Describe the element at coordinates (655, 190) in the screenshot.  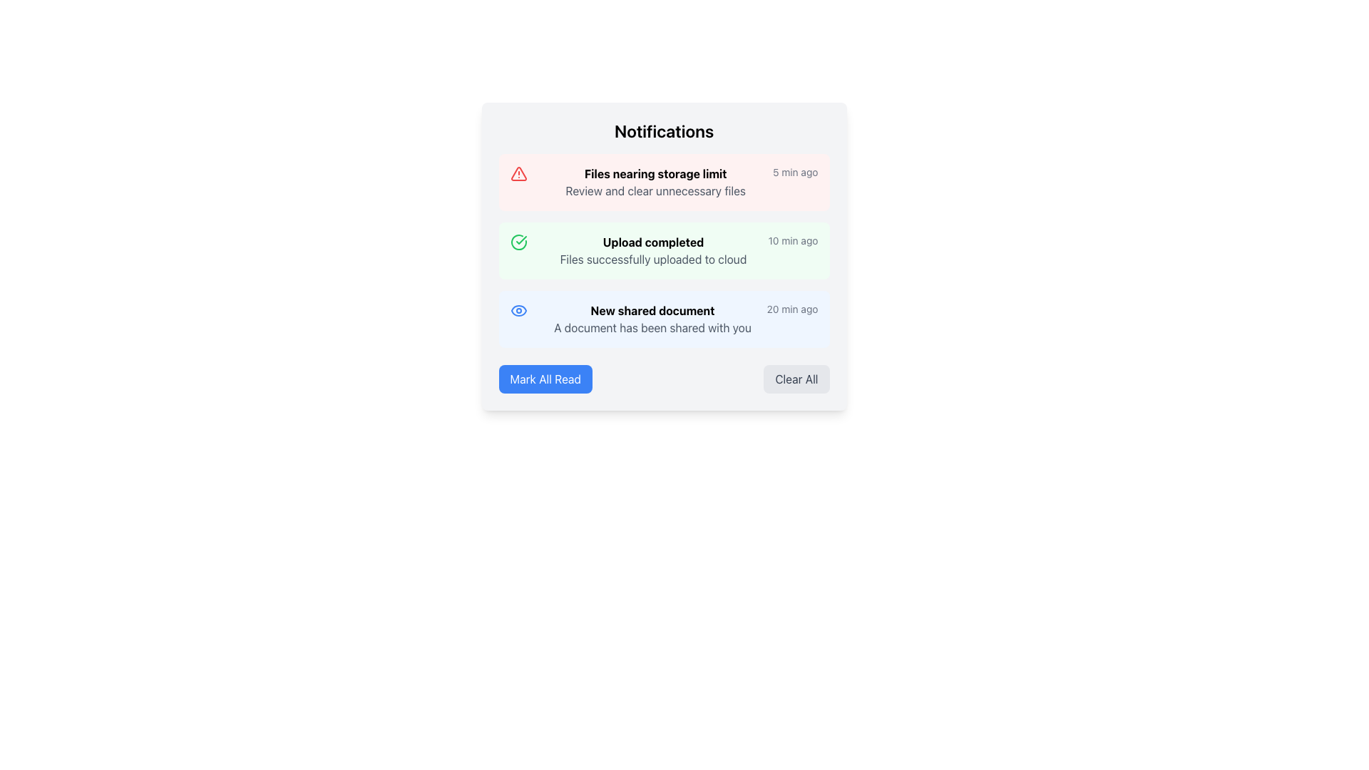
I see `the text label providing additional information about files nearing their storage limit, located directly below the title in the topmost notification card` at that location.